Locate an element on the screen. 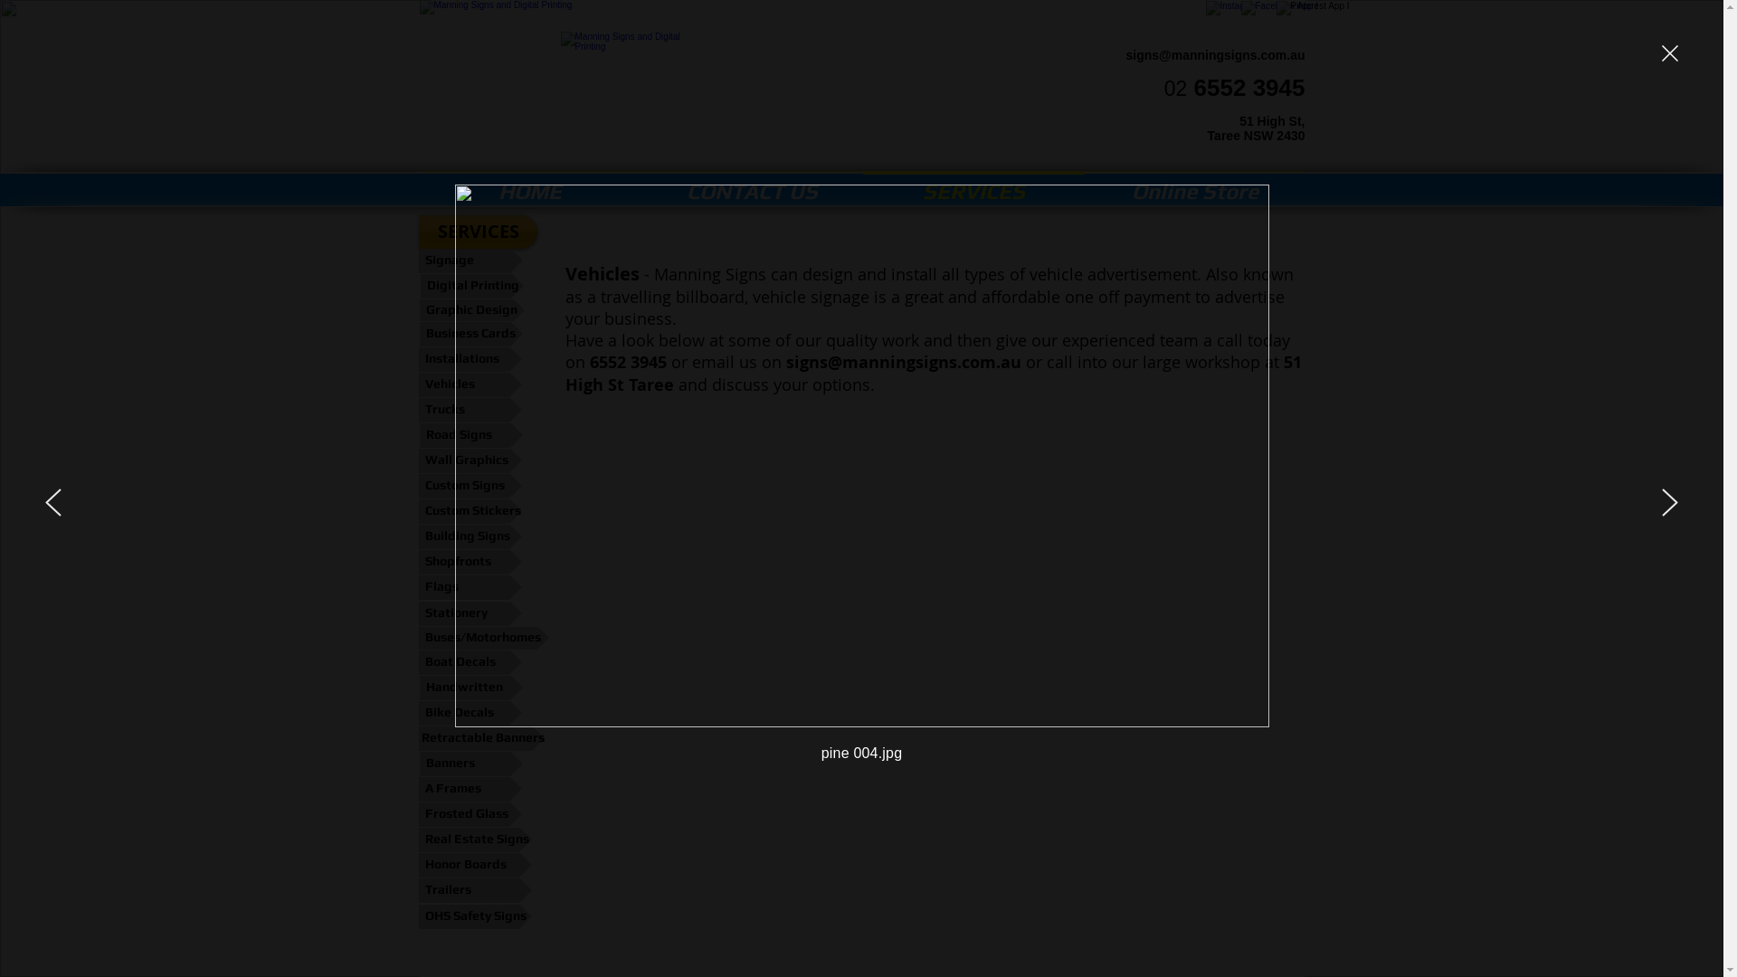  'Road Signs' is located at coordinates (471, 435).